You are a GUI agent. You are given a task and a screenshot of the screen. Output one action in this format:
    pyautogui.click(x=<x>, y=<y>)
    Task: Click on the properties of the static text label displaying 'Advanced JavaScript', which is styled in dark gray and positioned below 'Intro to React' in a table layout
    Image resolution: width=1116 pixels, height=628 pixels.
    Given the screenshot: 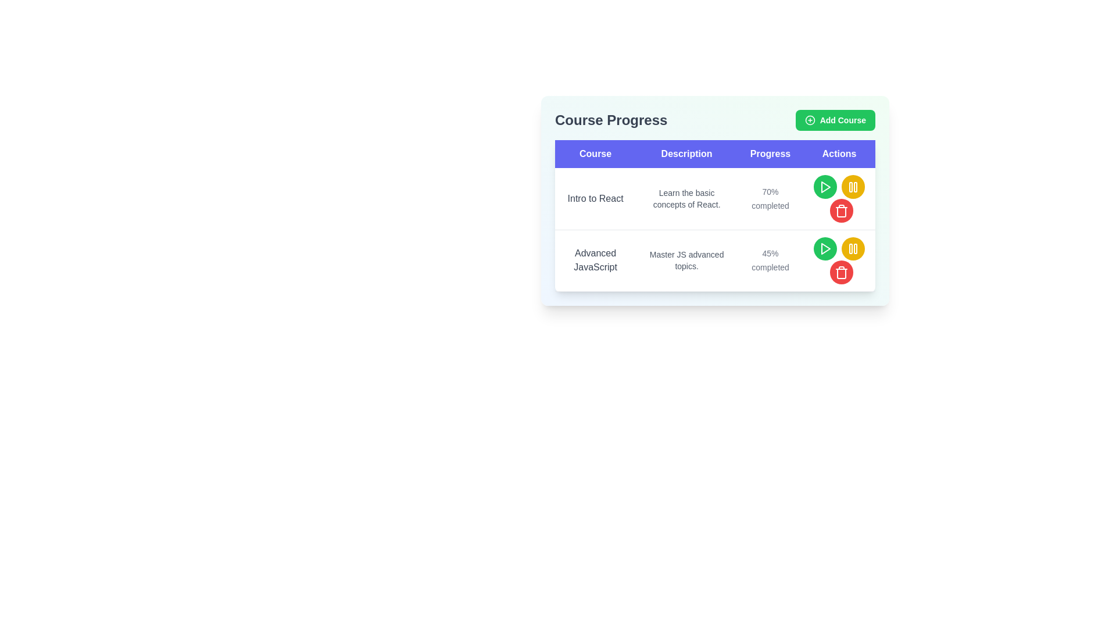 What is the action you would take?
    pyautogui.click(x=595, y=260)
    